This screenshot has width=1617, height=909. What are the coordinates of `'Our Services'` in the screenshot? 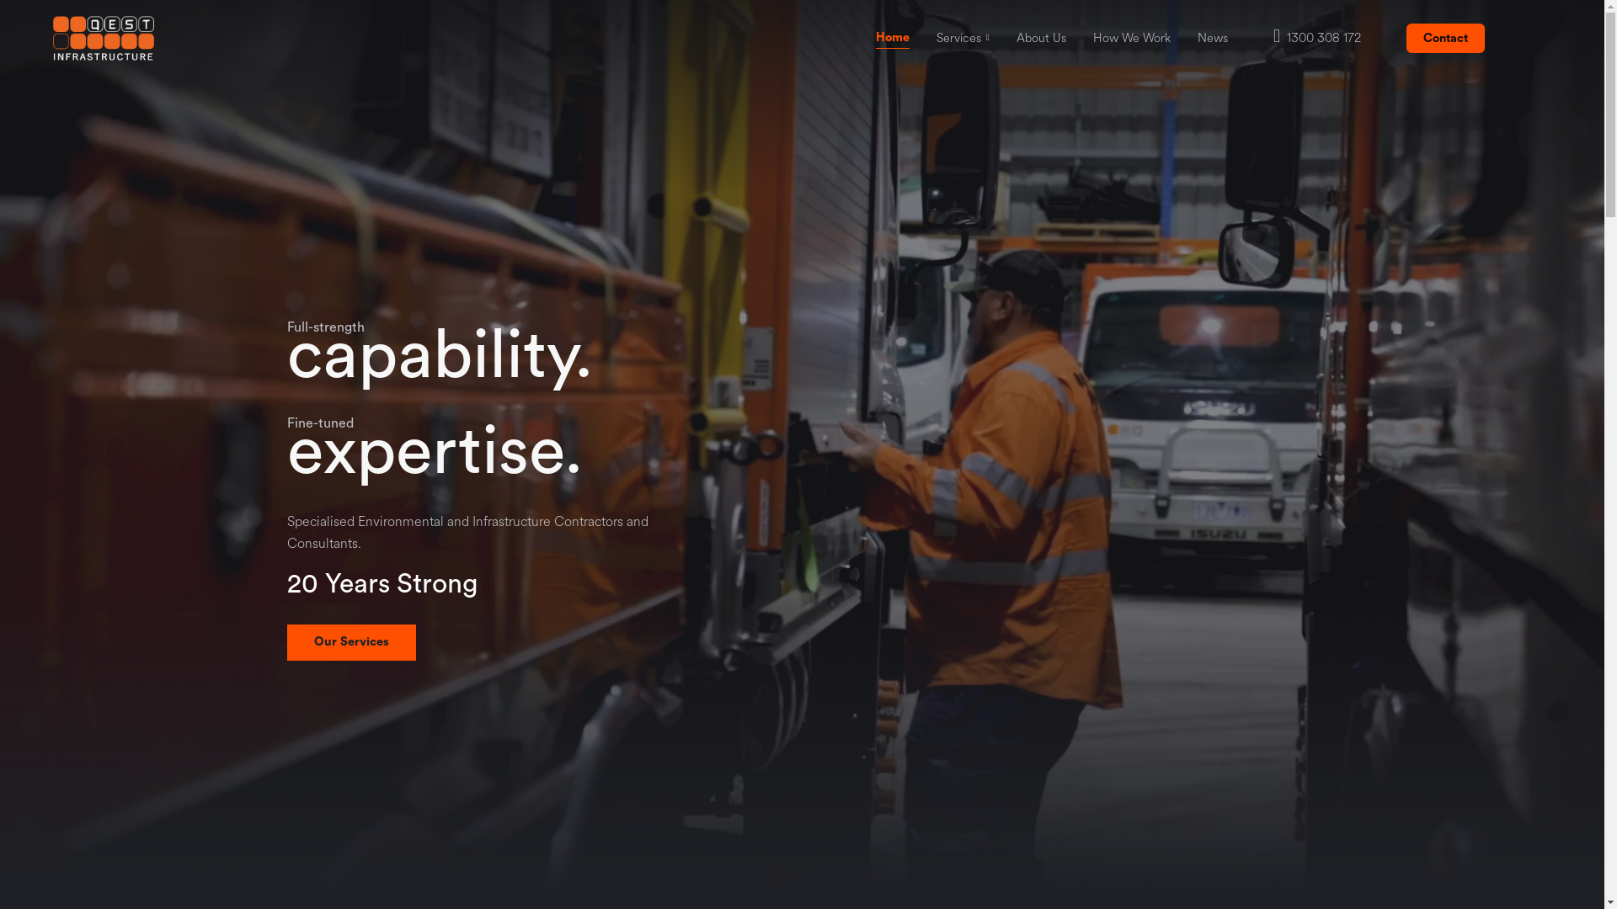 It's located at (350, 642).